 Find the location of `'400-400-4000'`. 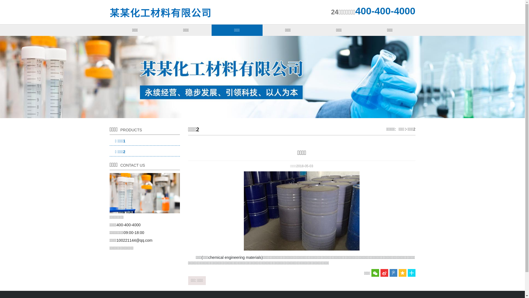

'400-400-4000' is located at coordinates (385, 11).